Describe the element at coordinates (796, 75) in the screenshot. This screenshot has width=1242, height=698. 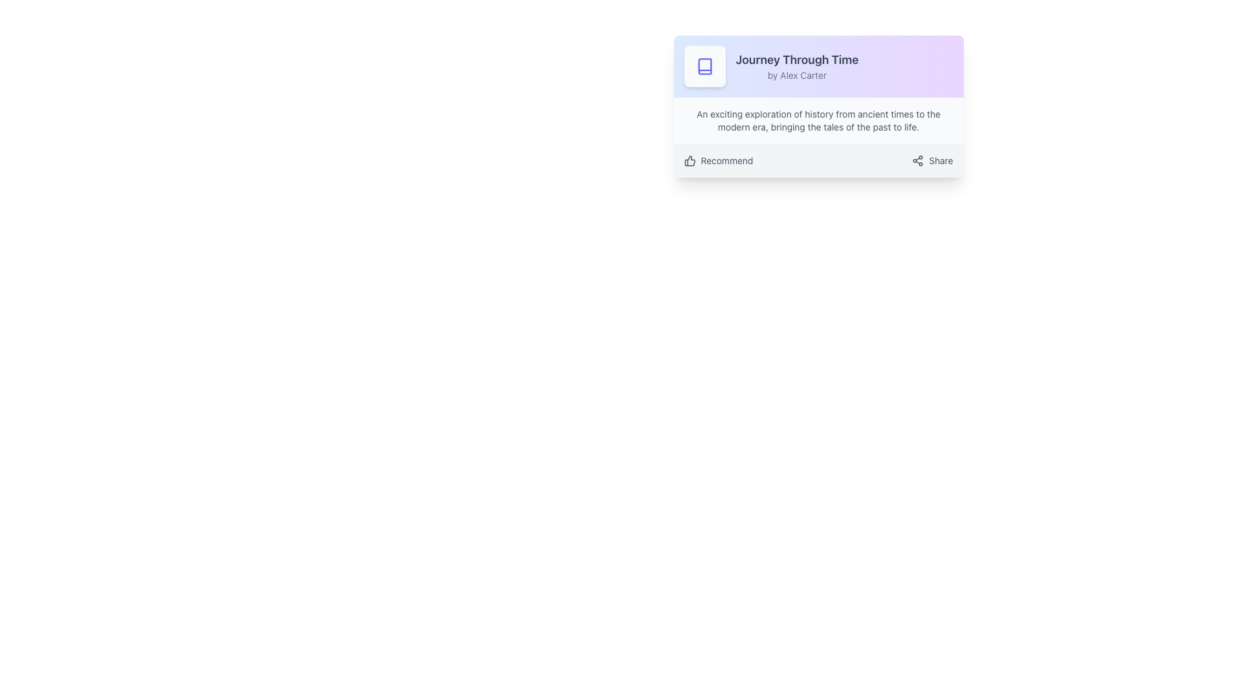
I see `the informational text element that provides author attribution, located below the title 'Journey Through Time' in the card interface` at that location.